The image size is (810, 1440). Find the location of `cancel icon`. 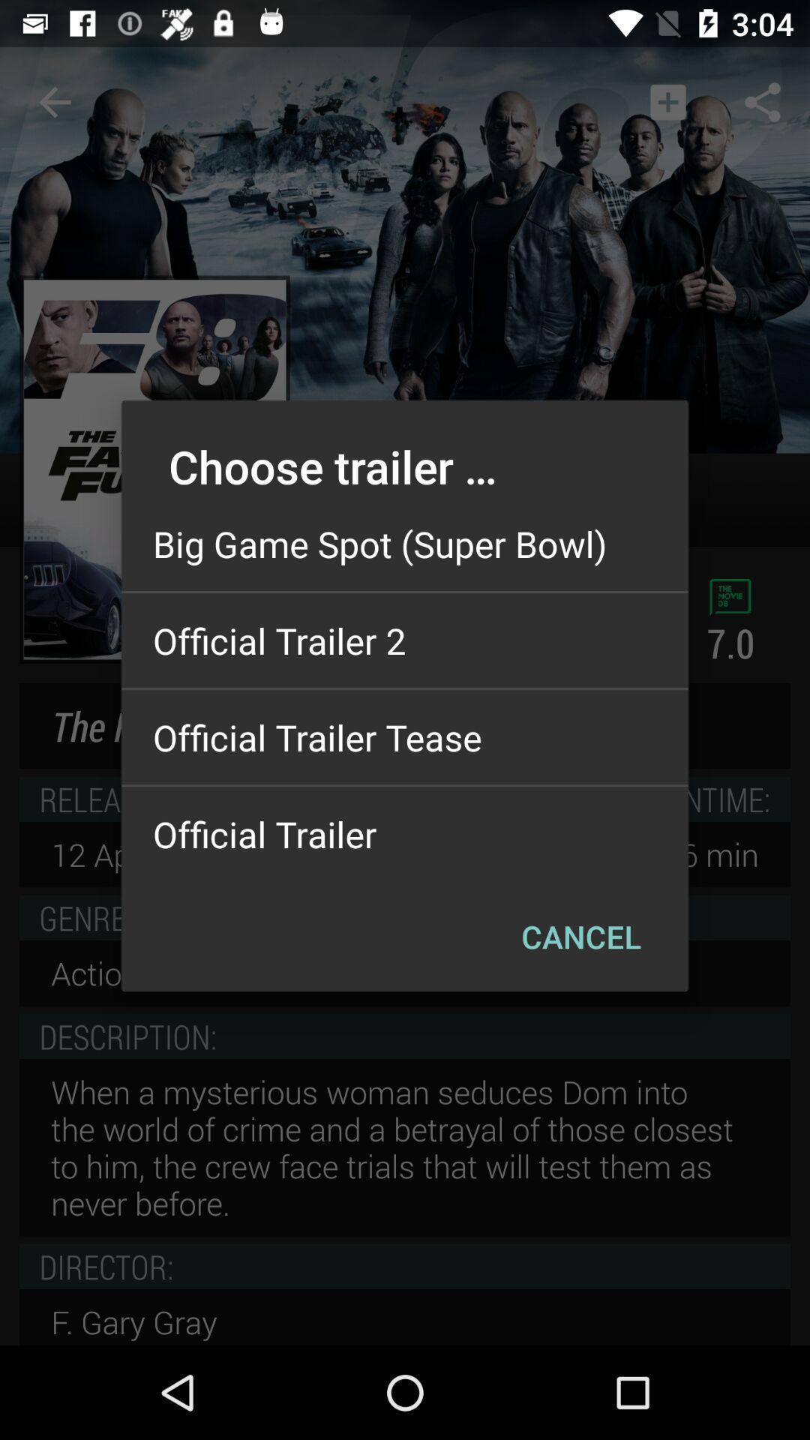

cancel icon is located at coordinates (580, 935).